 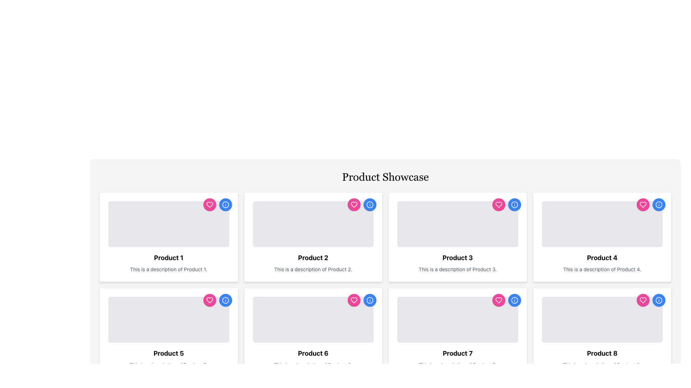 I want to click on the information button located at the top-right corner of the 'Product 2' card, so click(x=370, y=205).